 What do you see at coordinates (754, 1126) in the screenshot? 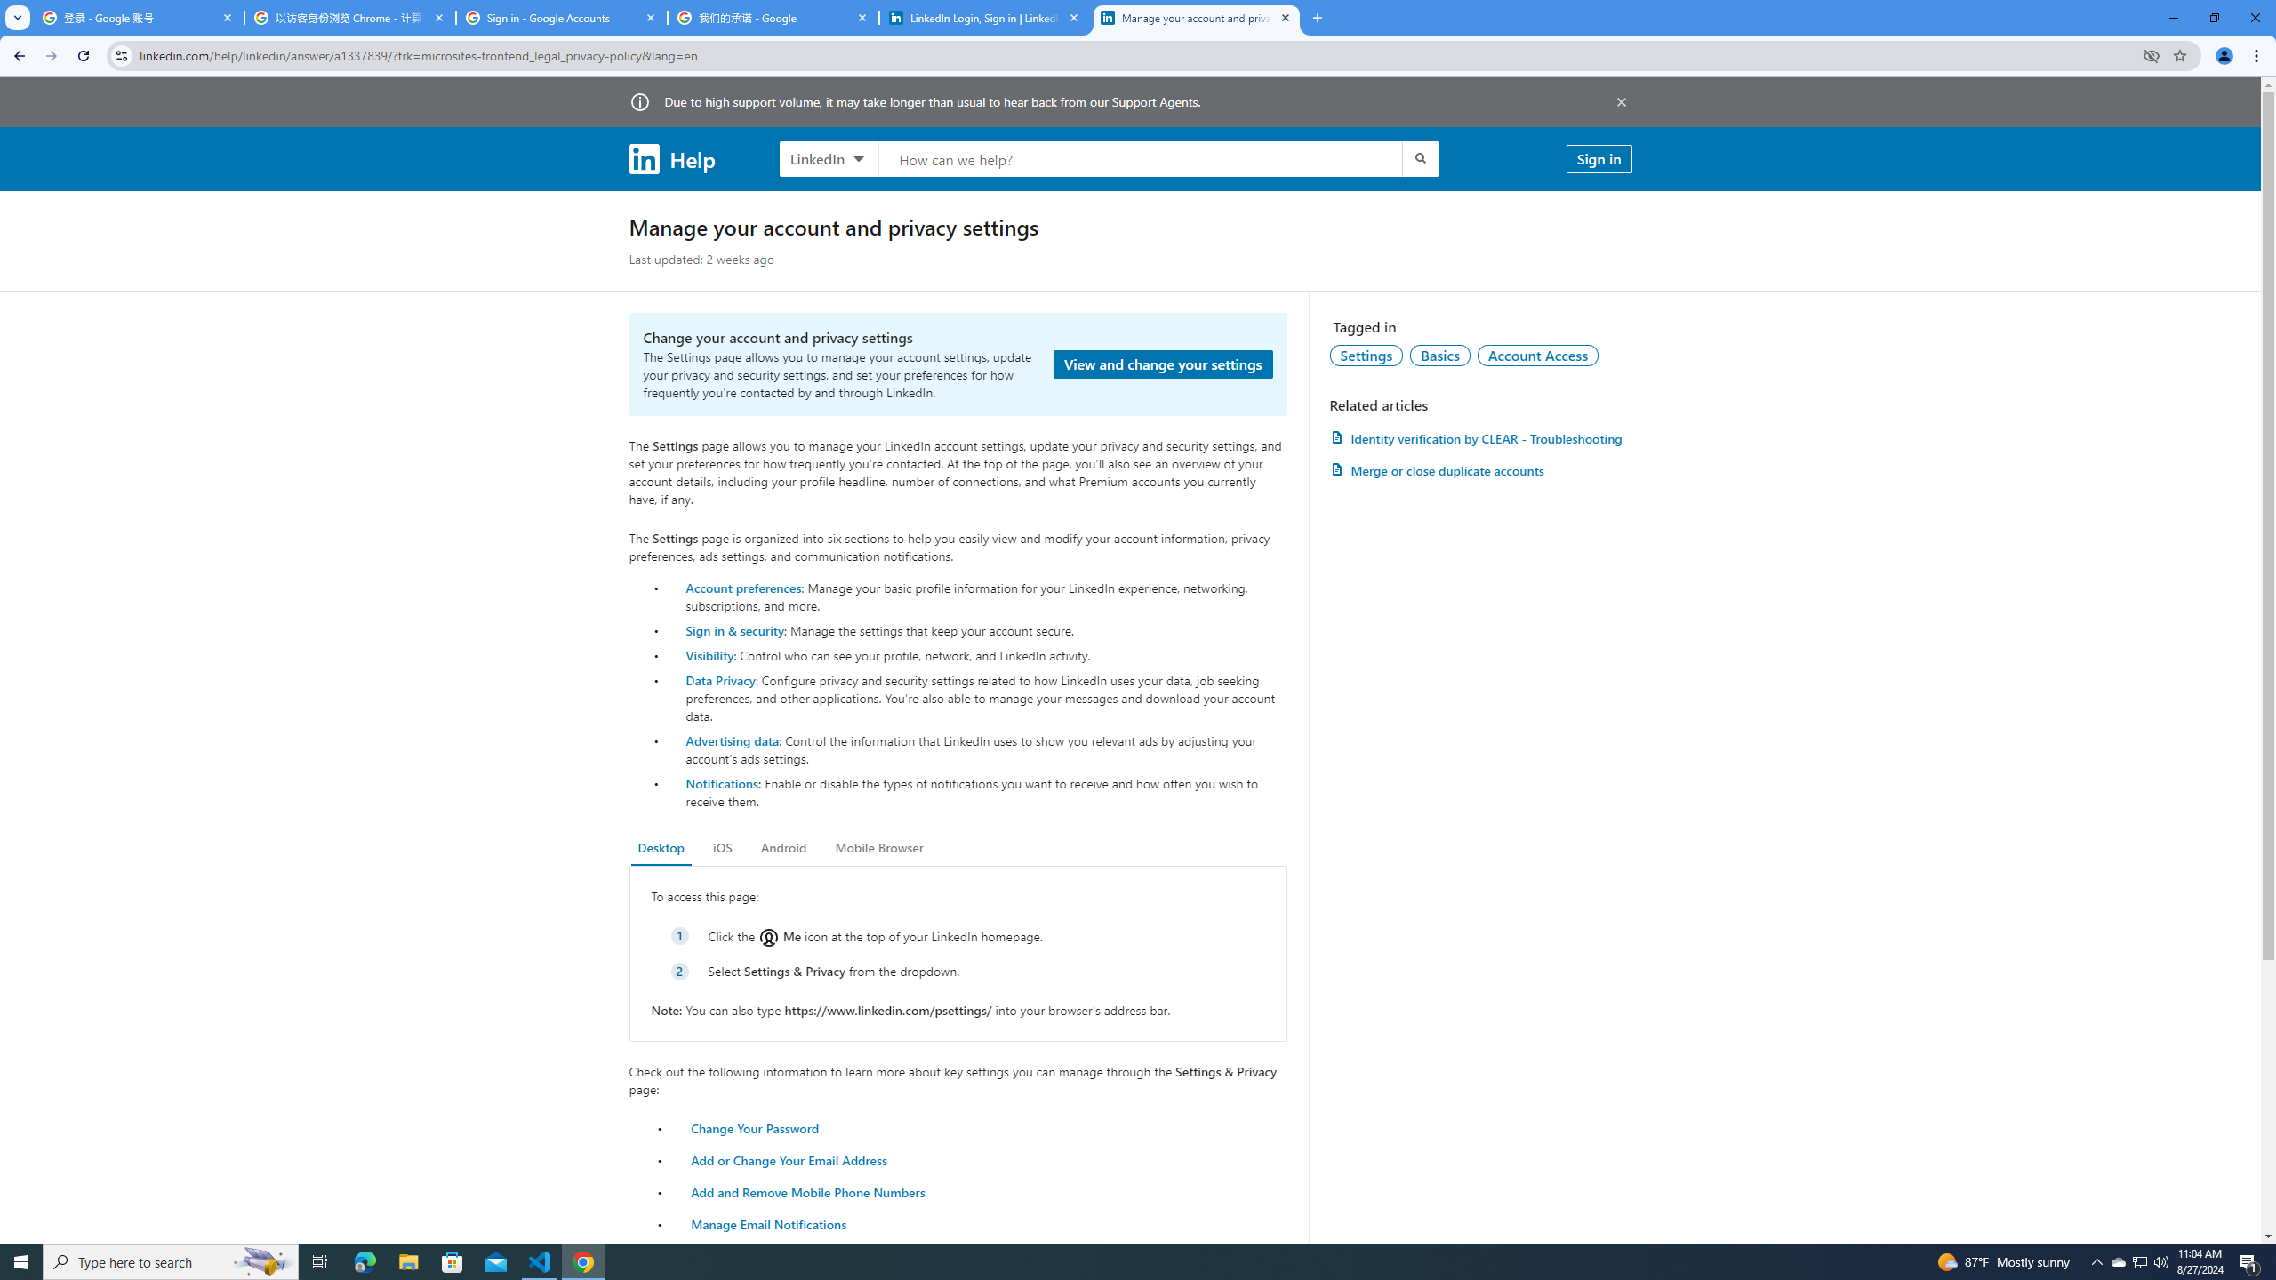
I see `'Change Your Password'` at bounding box center [754, 1126].